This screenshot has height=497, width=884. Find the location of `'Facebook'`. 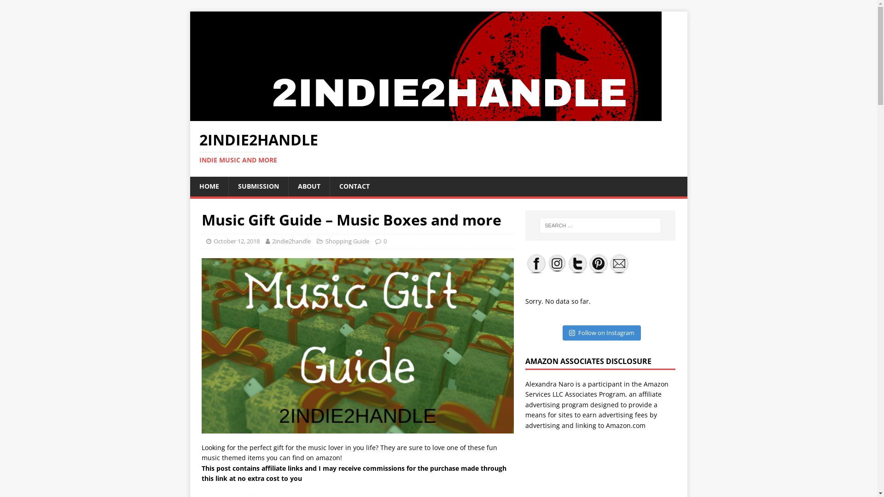

'Facebook' is located at coordinates (527, 263).